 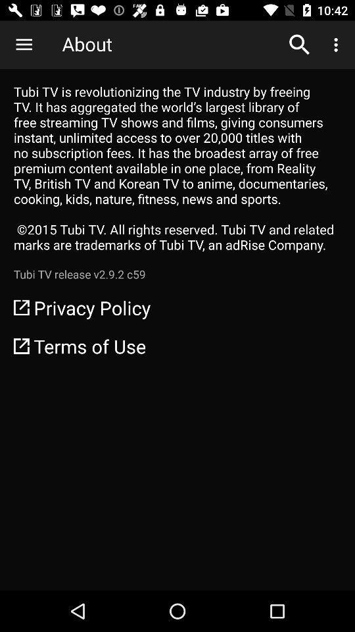 What do you see at coordinates (24, 45) in the screenshot?
I see `icon to the left of the about icon` at bounding box center [24, 45].